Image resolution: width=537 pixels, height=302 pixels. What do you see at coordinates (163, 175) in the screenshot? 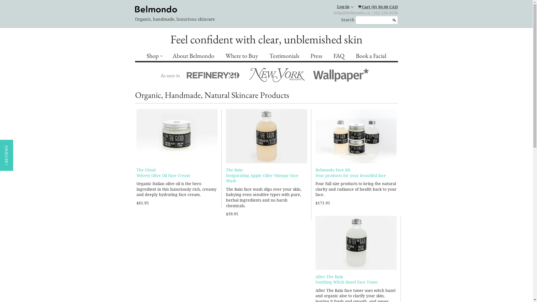
I see `'Velvety Olive Oil Face Cream'` at bounding box center [163, 175].